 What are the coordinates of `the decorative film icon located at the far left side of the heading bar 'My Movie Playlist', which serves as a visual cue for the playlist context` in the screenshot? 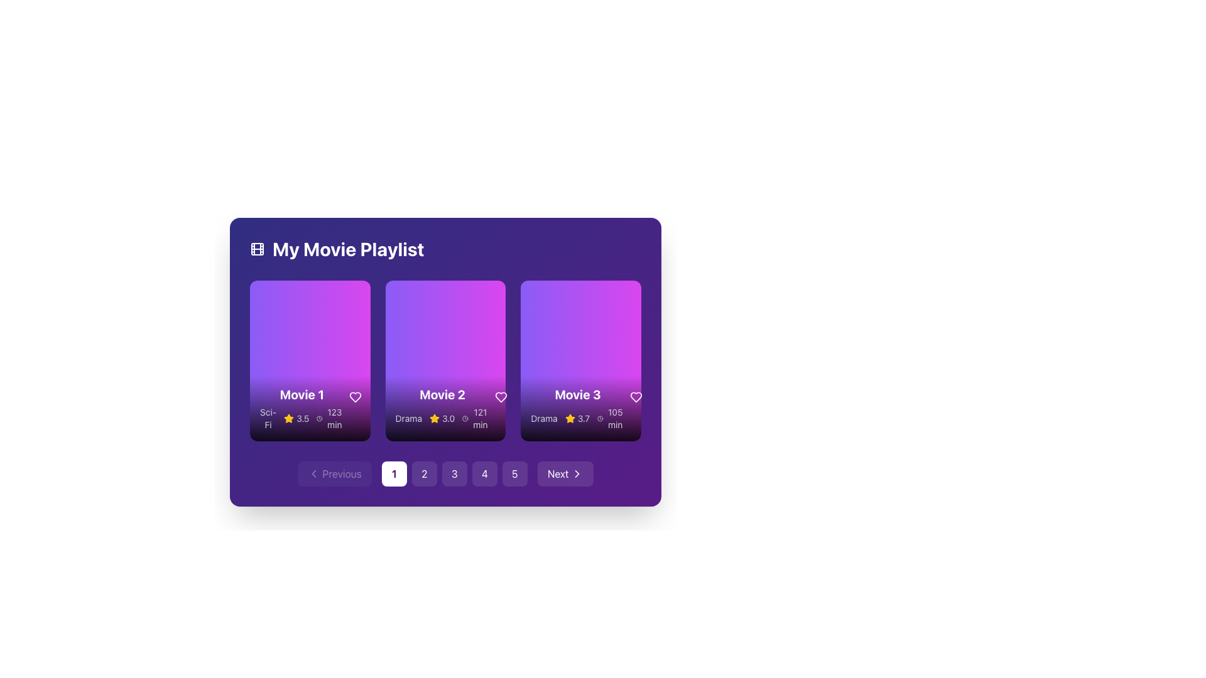 It's located at (256, 249).